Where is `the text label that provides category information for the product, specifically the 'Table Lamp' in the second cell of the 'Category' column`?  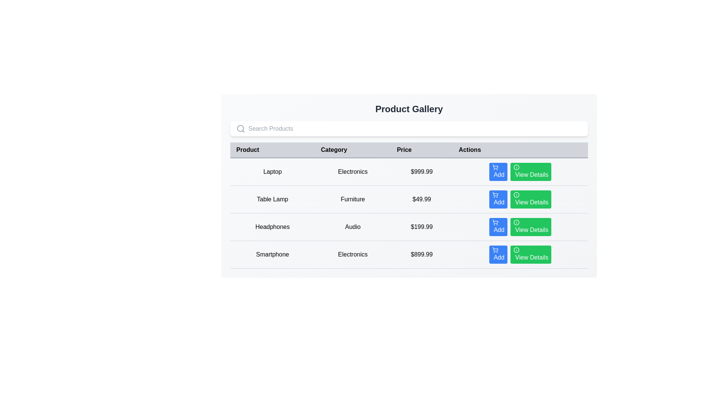
the text label that provides category information for the product, specifically the 'Table Lamp' in the second cell of the 'Category' column is located at coordinates (352, 199).